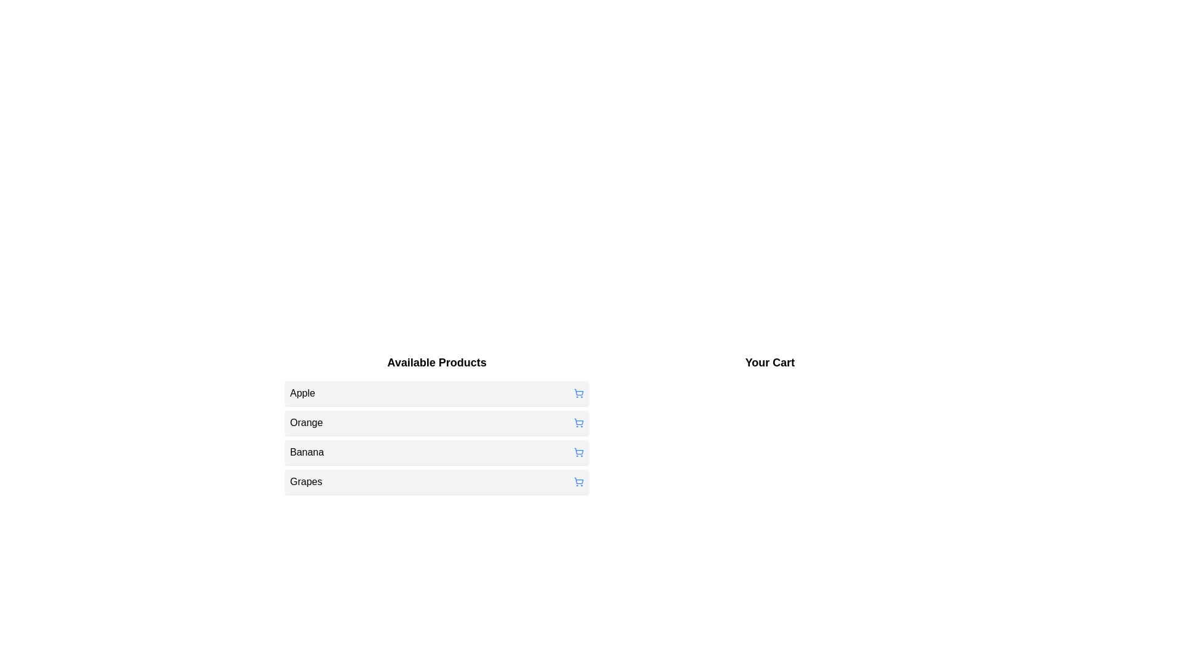 This screenshot has height=664, width=1180. Describe the element at coordinates (578, 422) in the screenshot. I see `the shopping cart icon next to the product Orange to add it to the cart` at that location.